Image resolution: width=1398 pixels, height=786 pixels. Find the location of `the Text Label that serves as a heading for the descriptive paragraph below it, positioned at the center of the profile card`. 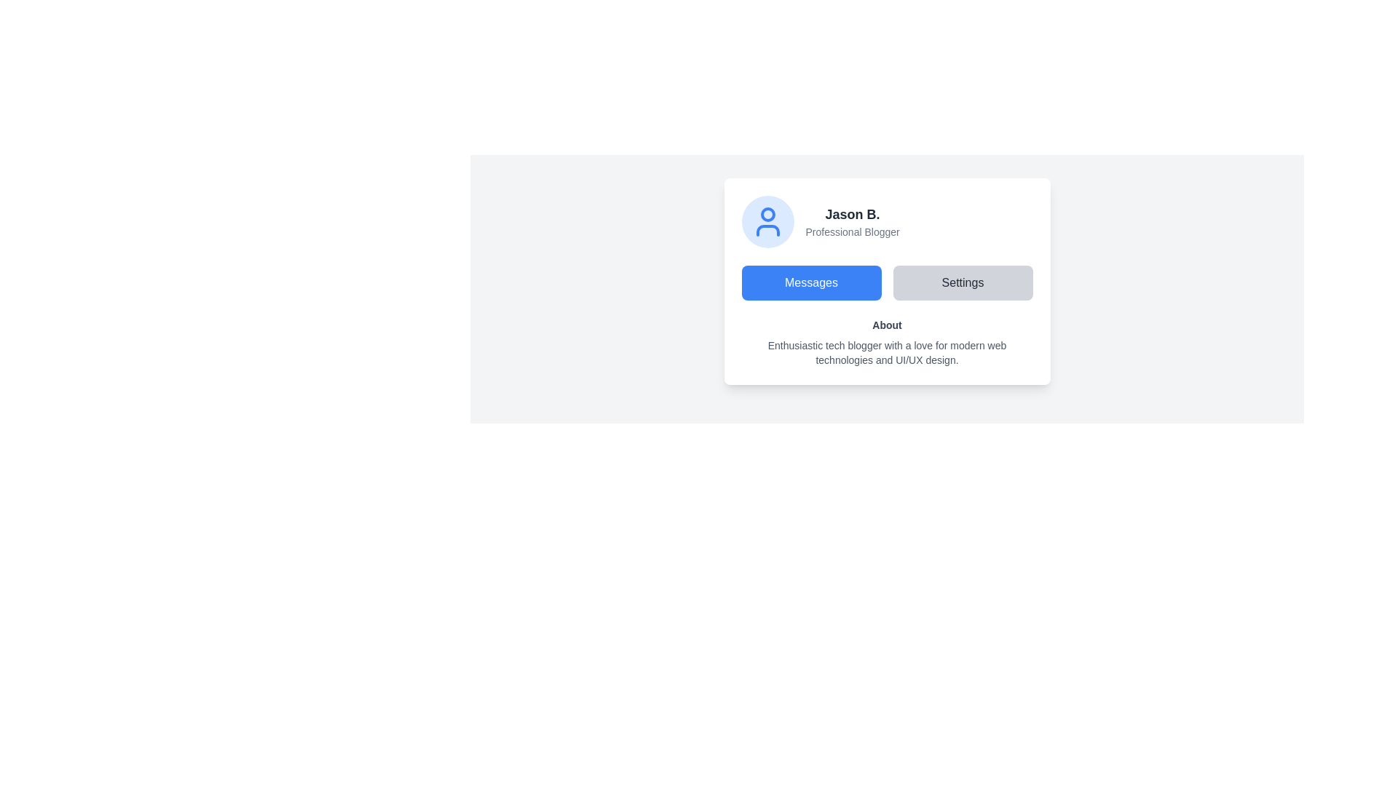

the Text Label that serves as a heading for the descriptive paragraph below it, positioned at the center of the profile card is located at coordinates (886, 325).